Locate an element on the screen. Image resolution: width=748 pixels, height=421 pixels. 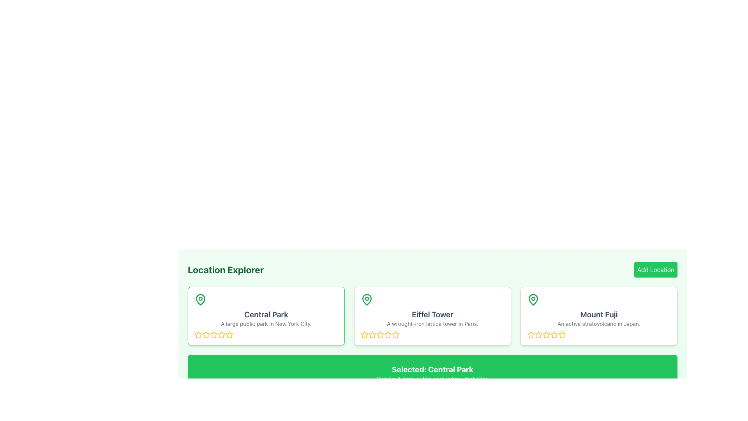
the first star icon representing the rating system in the 'Location Explorer' section for 'Central Park' is located at coordinates (198, 334).